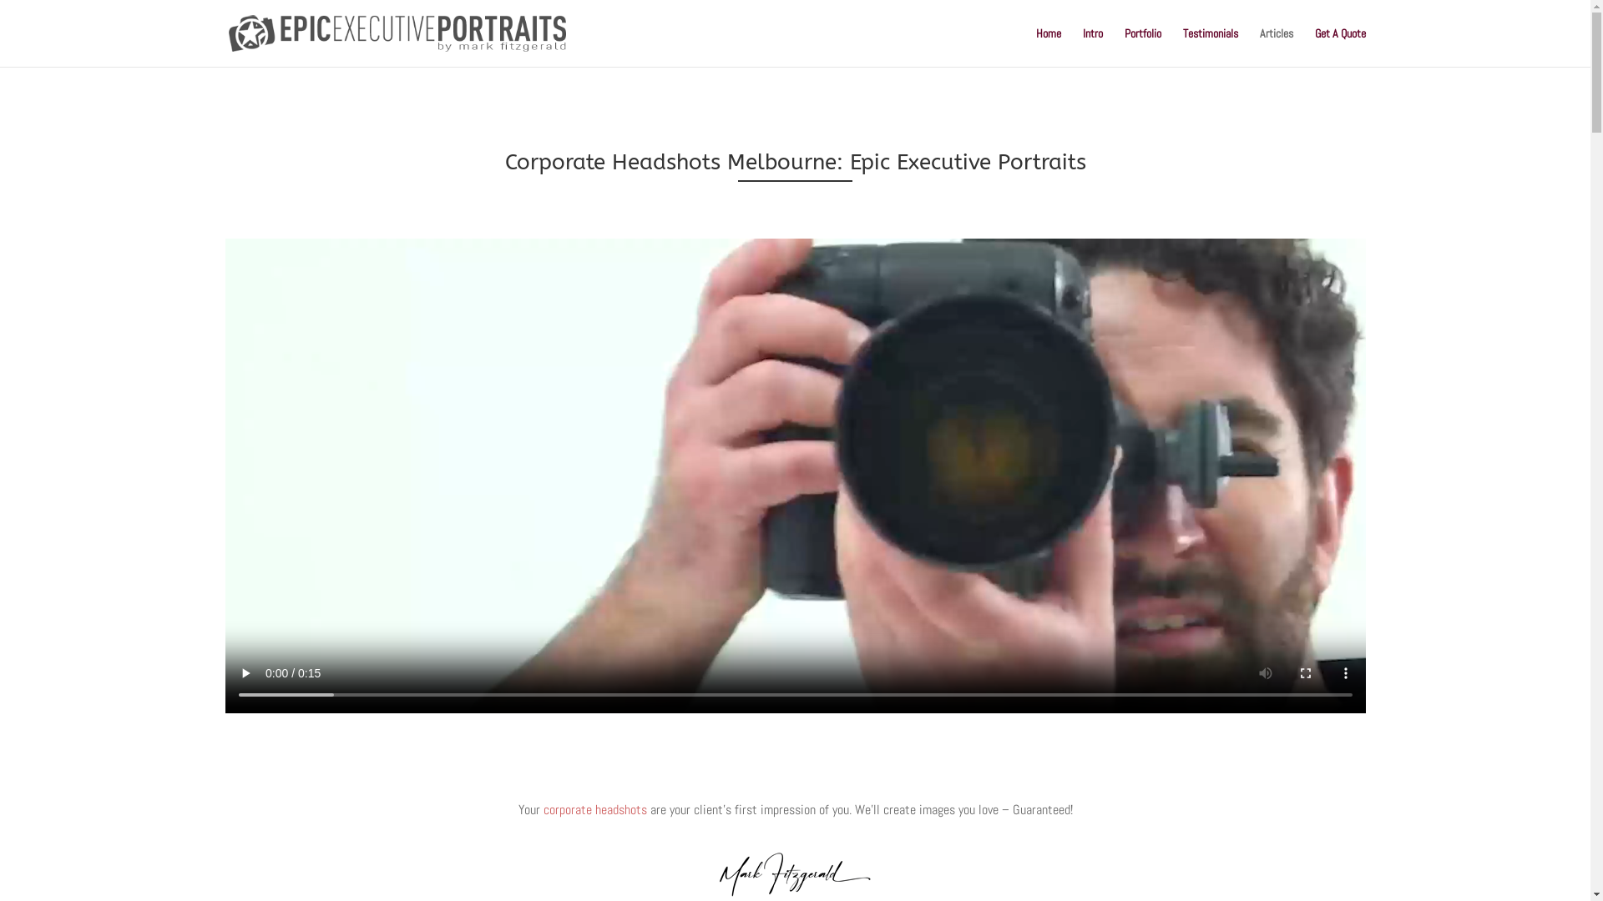 The width and height of the screenshot is (1603, 901). I want to click on 'Mark-fitzgerald-photographer-signature-1', so click(794, 873).